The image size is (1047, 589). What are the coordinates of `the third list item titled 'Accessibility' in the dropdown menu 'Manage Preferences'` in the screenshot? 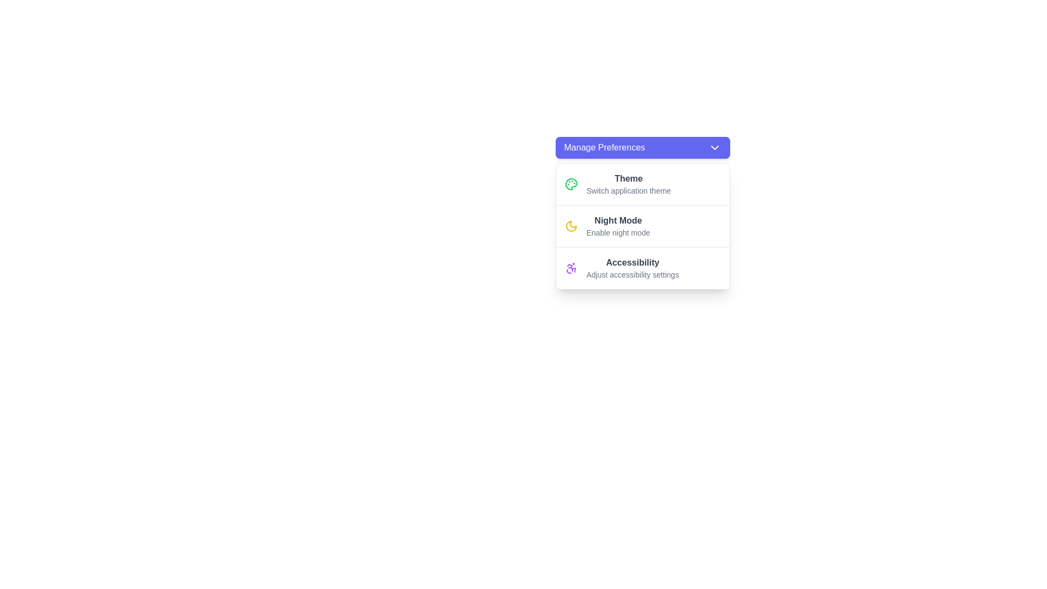 It's located at (633, 268).